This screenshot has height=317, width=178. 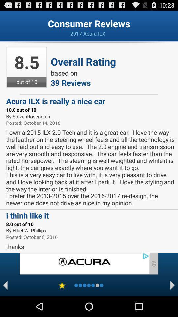 I want to click on see other options, so click(x=172, y=285).